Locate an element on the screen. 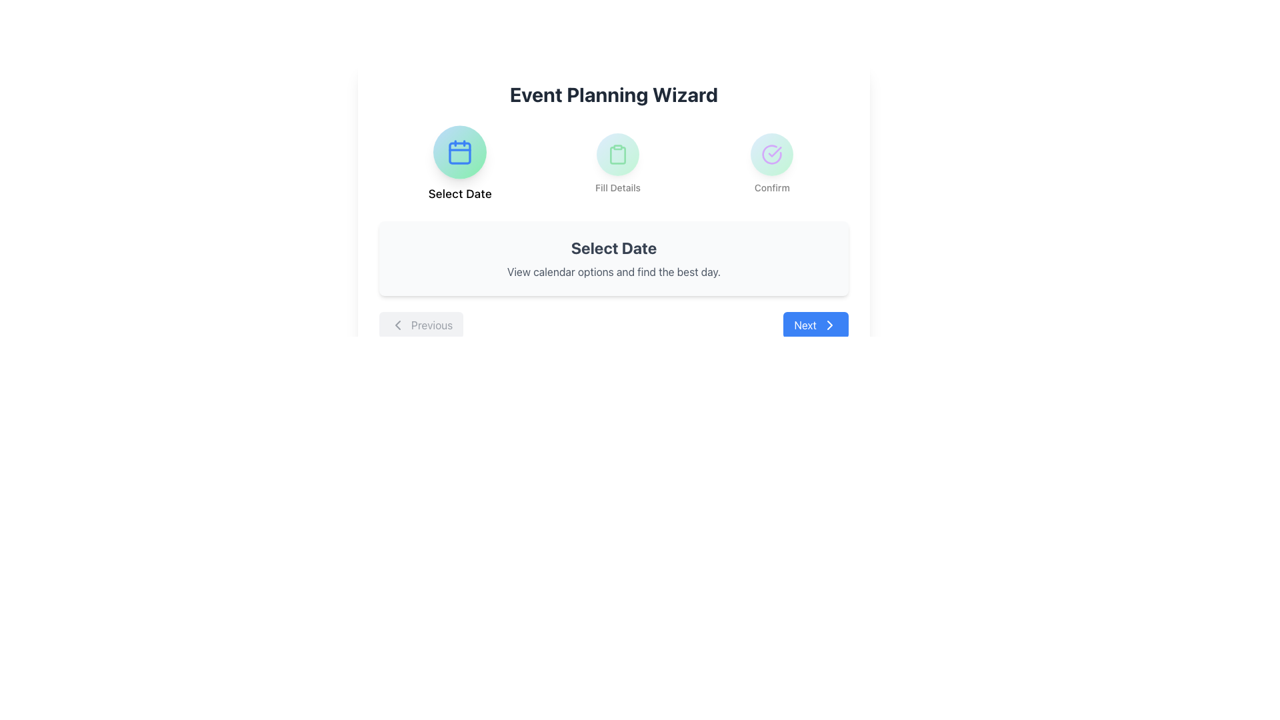 Image resolution: width=1280 pixels, height=720 pixels. the text label that describes the clipboard icon, which is the second element in a horizontal row of three components is located at coordinates (617, 187).